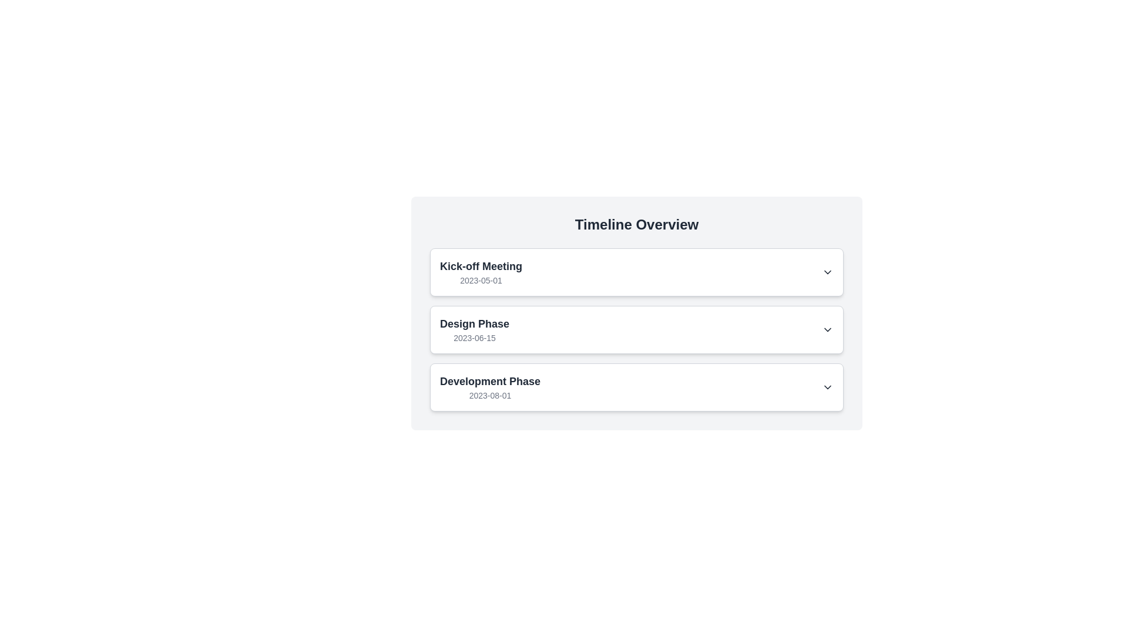 This screenshot has height=634, width=1128. I want to click on the 'Design Phase' card, so click(636, 312).